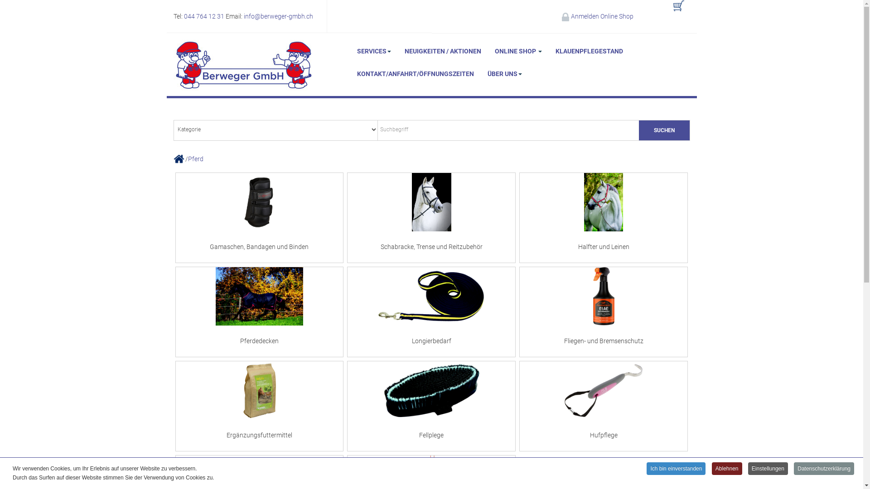  Describe the element at coordinates (243, 64) in the screenshot. I see `'Berweger Eisenwaren GmbH'` at that location.